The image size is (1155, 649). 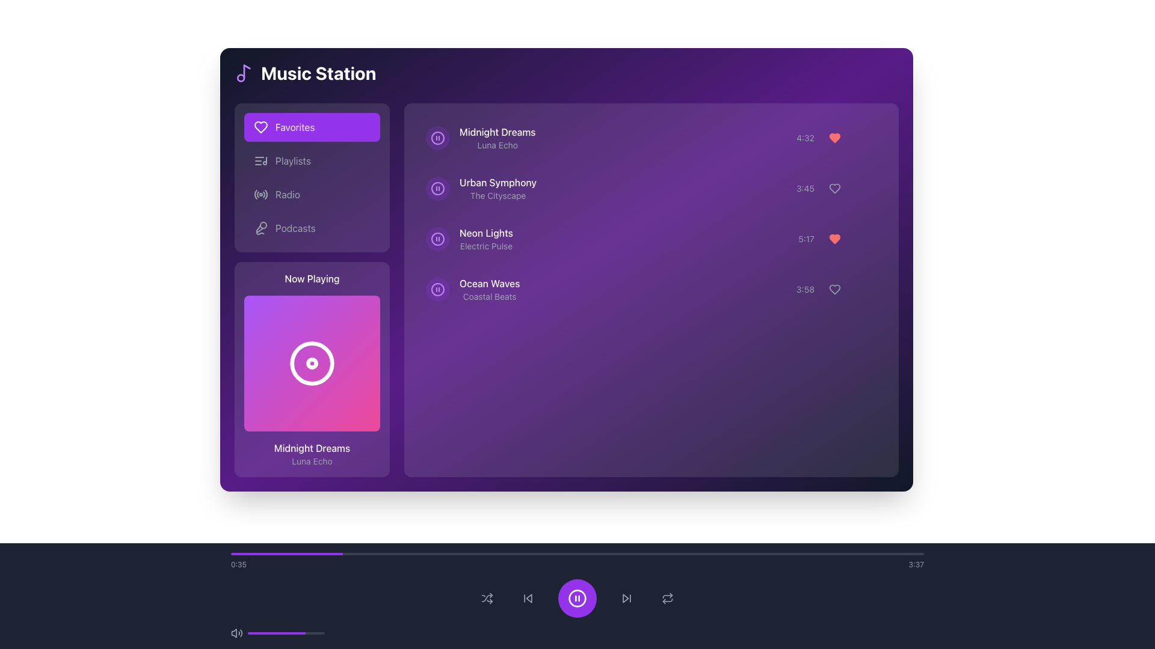 I want to click on the topmost text label displaying the duration or timestamp of a track in the playlist interface, so click(x=805, y=138).